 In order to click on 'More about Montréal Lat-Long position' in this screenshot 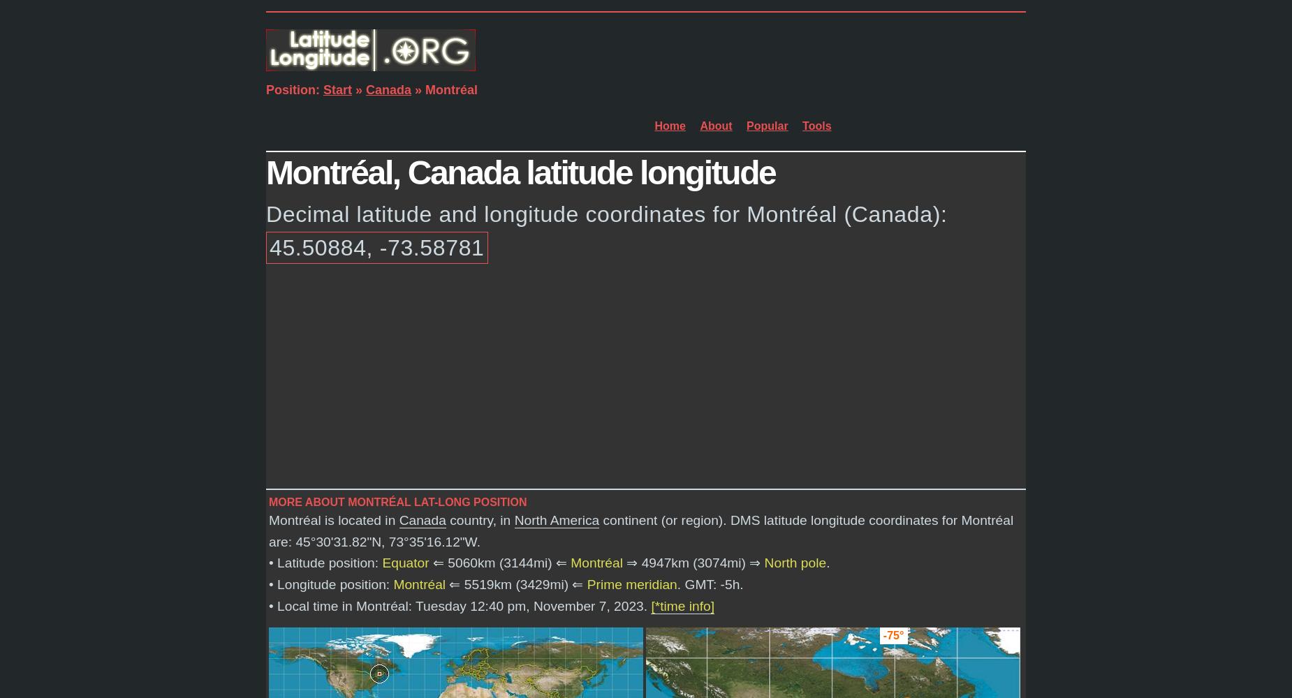, I will do `click(397, 501)`.